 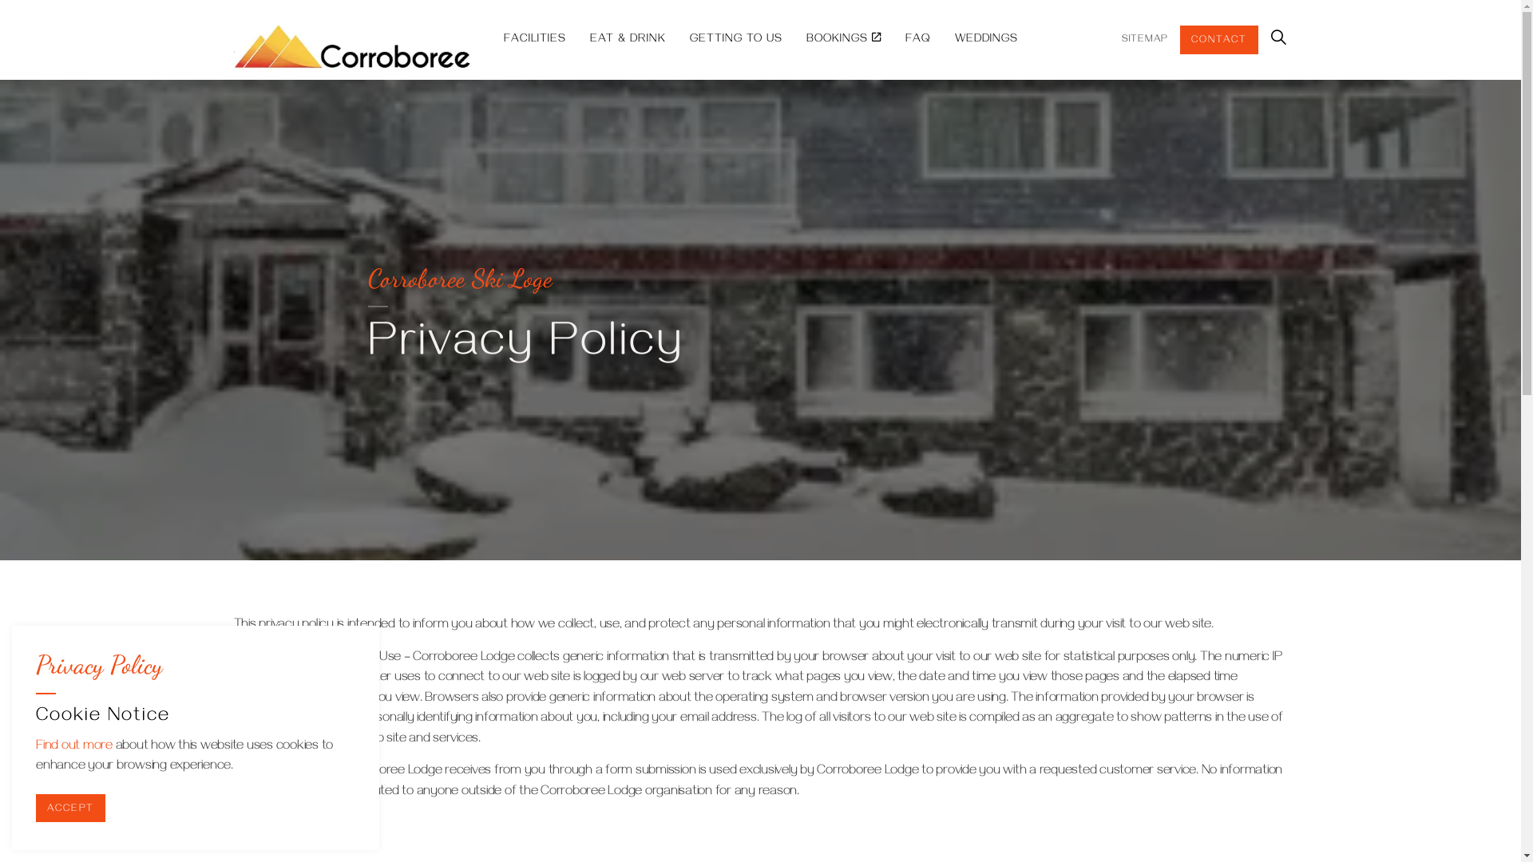 What do you see at coordinates (1143, 39) in the screenshot?
I see `'SITEMAP'` at bounding box center [1143, 39].